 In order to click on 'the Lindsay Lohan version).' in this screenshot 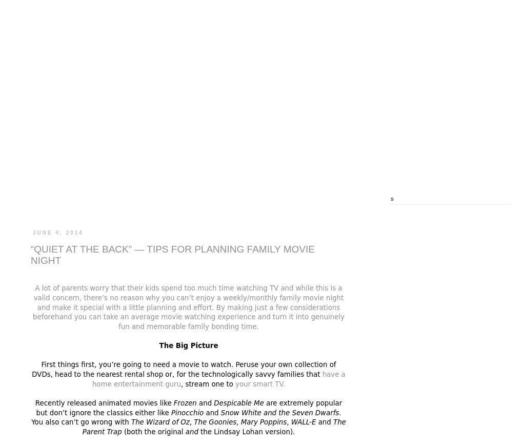, I will do `click(200, 431)`.